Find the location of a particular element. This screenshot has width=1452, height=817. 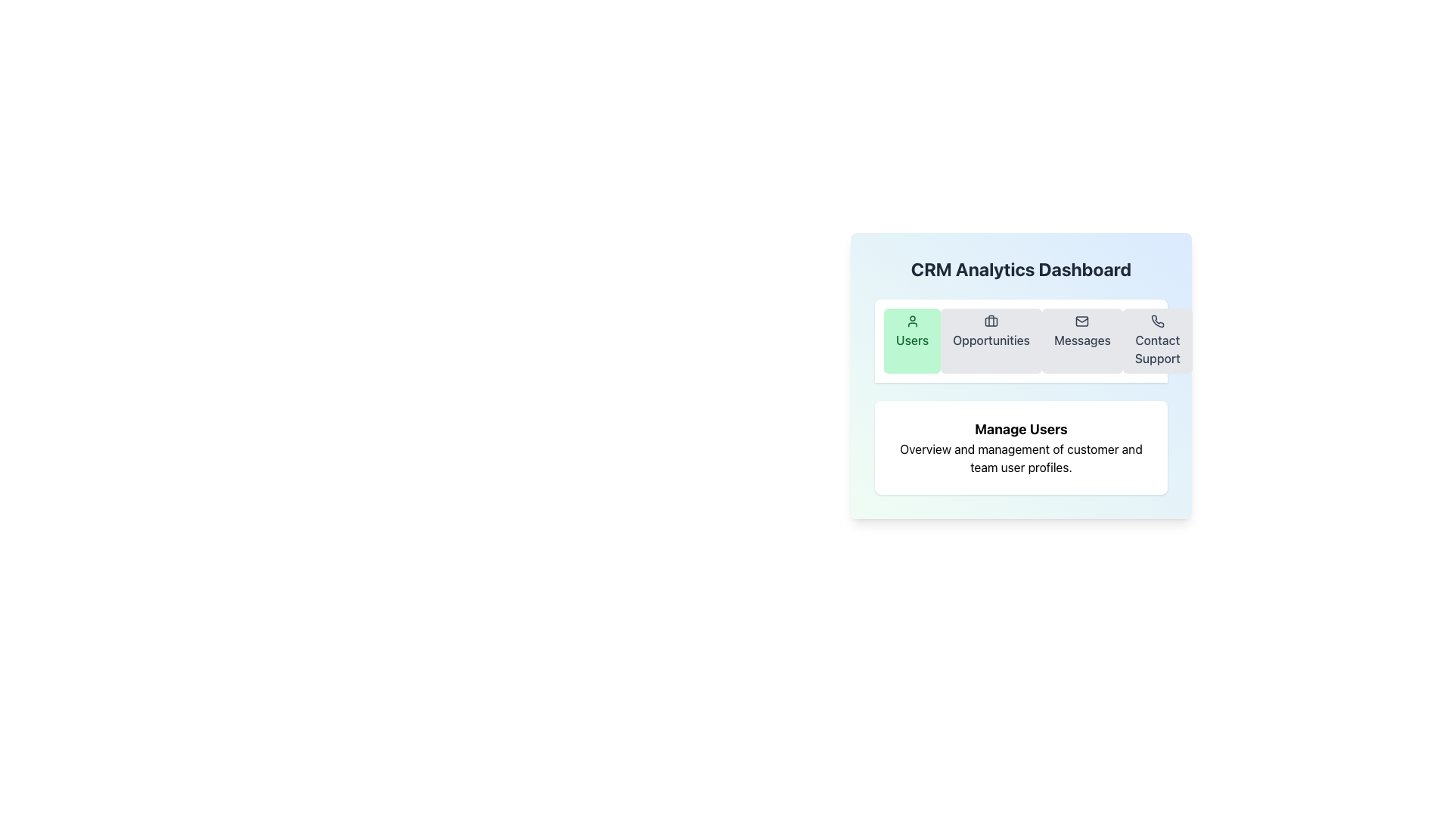

the rectangular SVG shape with rounded corners that is part of the 'Messages' envelope icon located in the top-central horizontal navigation menu is located at coordinates (1081, 320).